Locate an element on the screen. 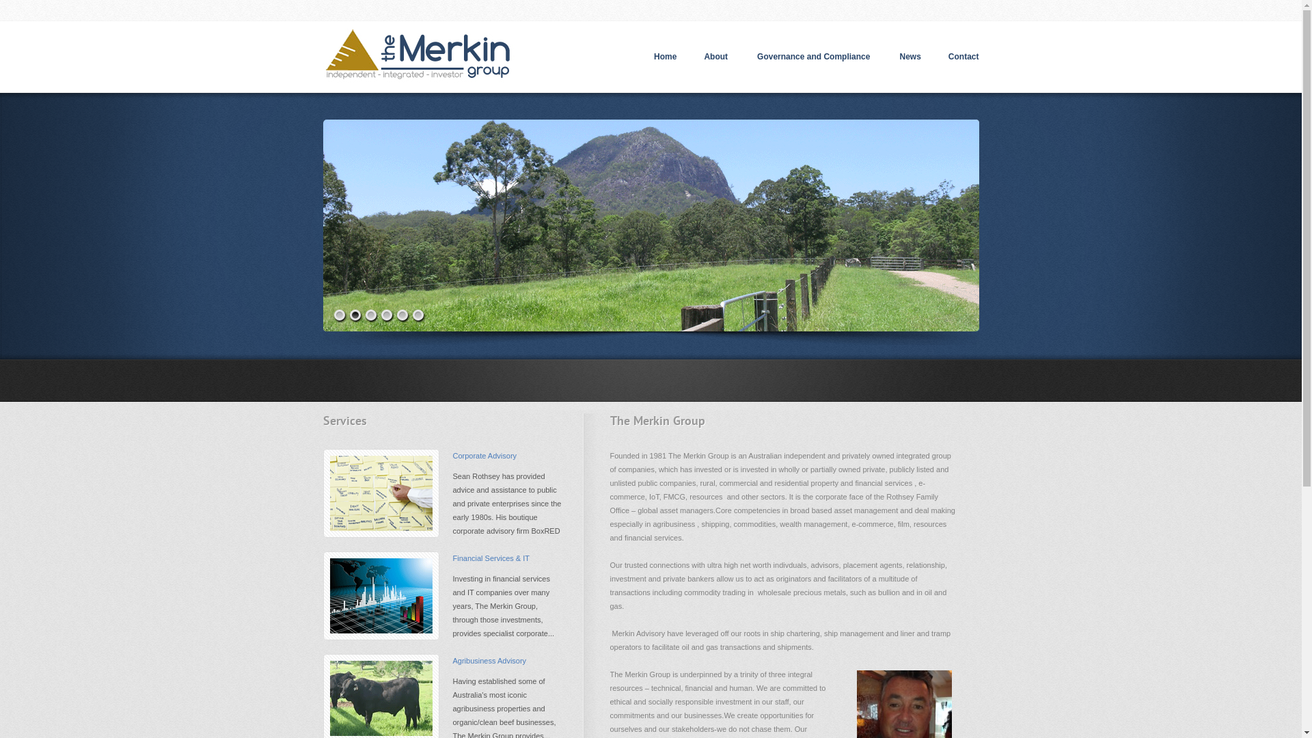 This screenshot has height=738, width=1312. 'Contact' is located at coordinates (963, 56).